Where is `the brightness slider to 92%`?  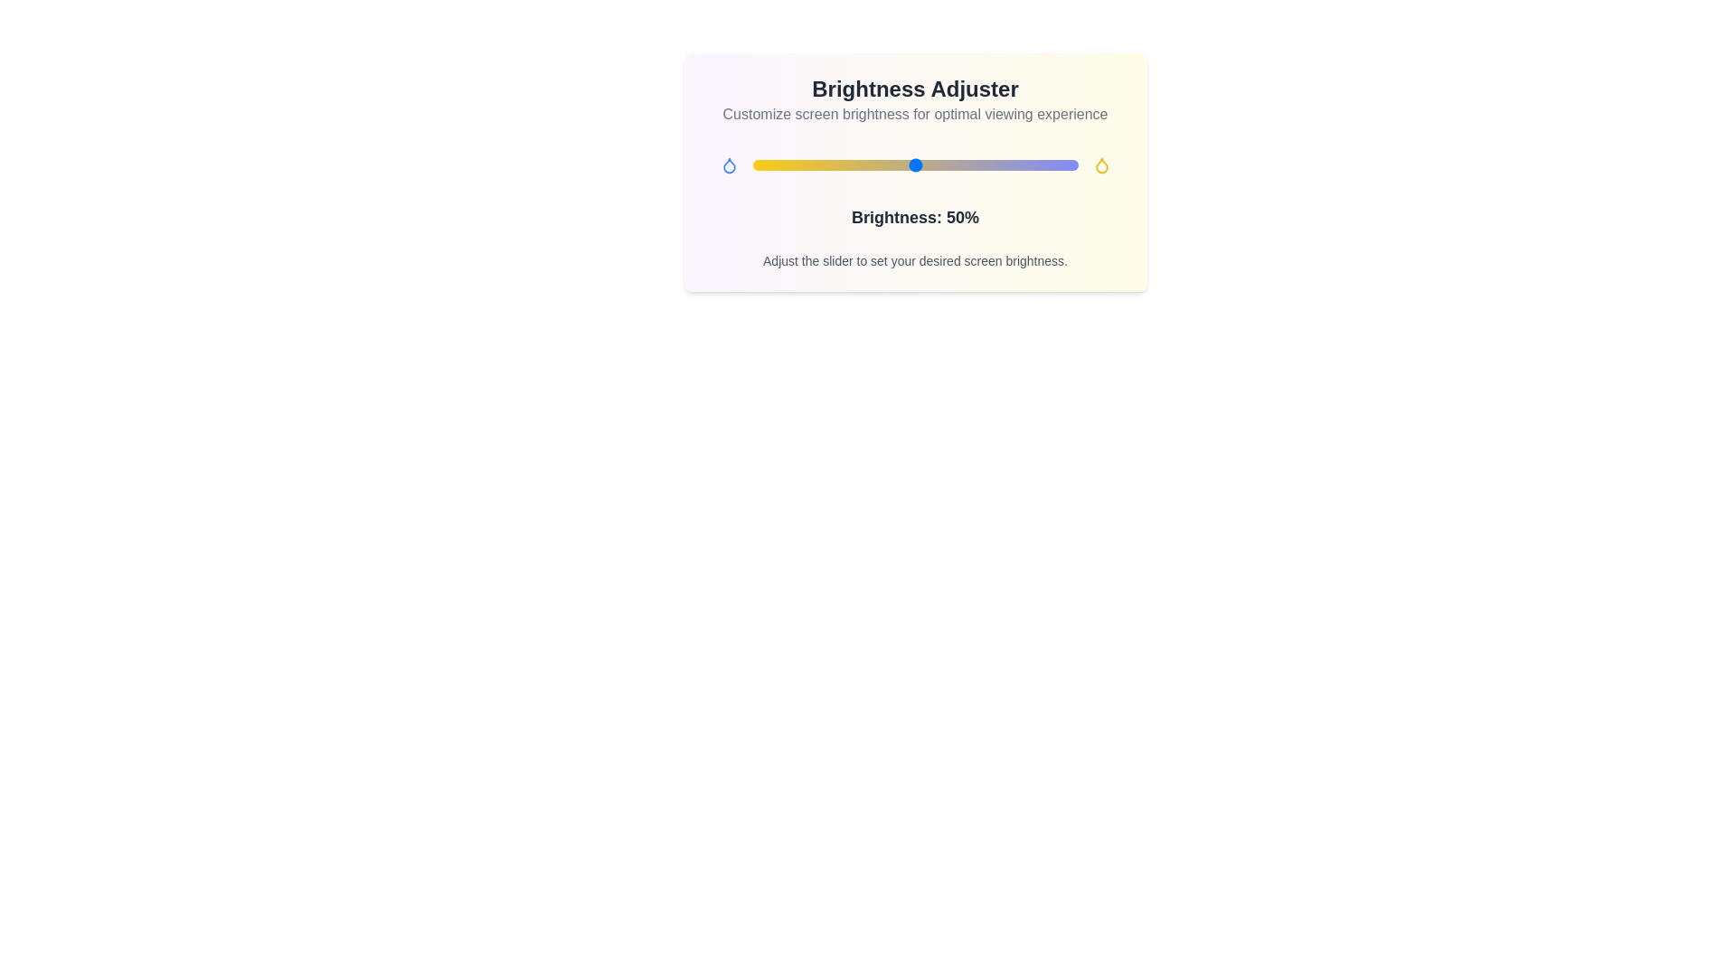
the brightness slider to 92% is located at coordinates (1052, 164).